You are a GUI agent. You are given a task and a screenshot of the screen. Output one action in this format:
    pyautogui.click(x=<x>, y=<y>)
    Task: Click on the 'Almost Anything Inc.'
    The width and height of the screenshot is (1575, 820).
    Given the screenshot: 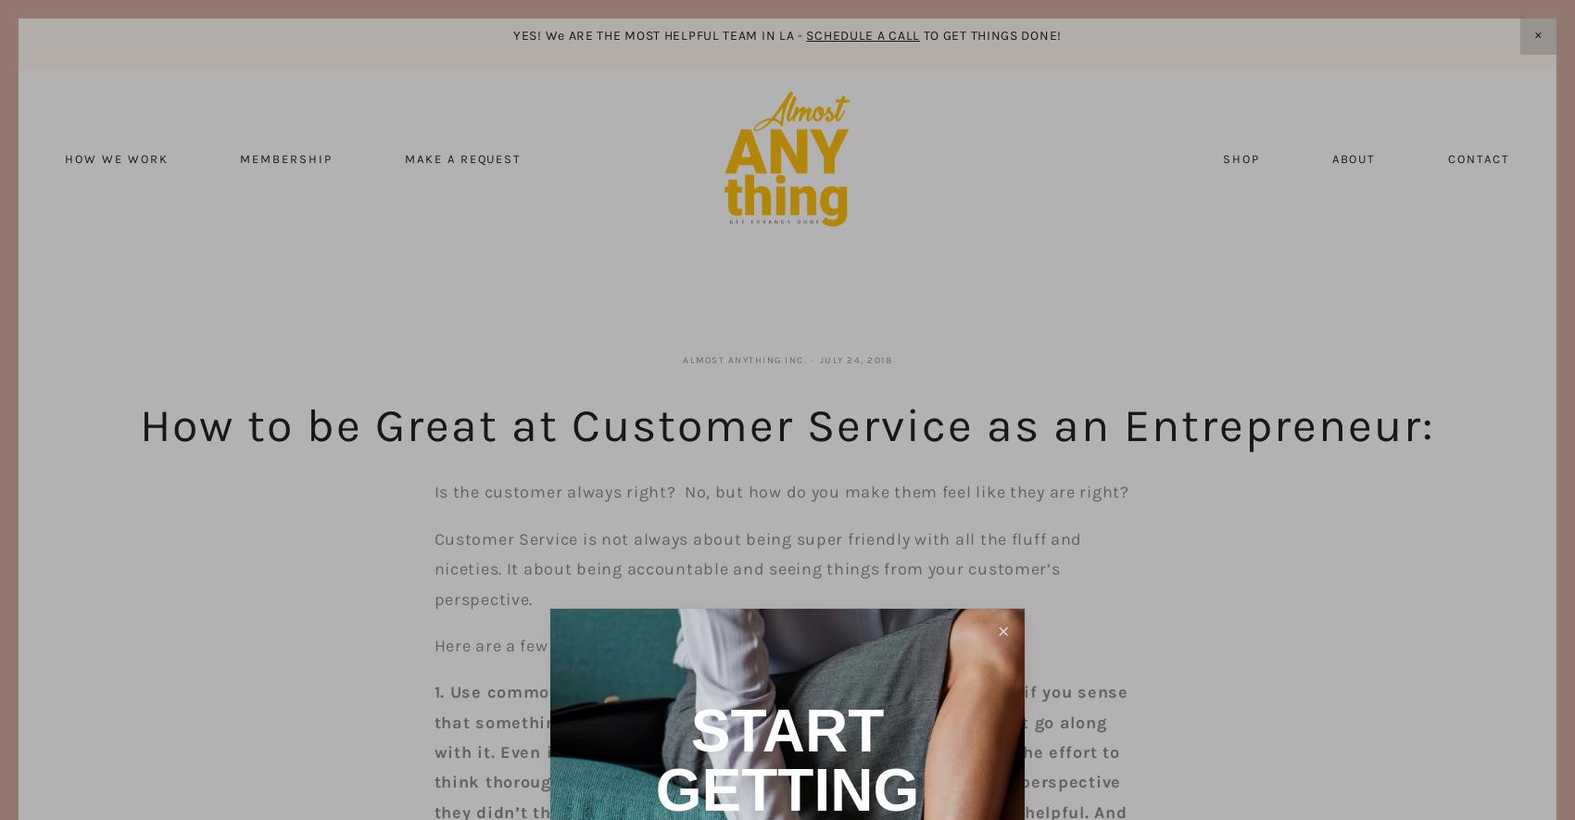 What is the action you would take?
    pyautogui.click(x=743, y=358)
    